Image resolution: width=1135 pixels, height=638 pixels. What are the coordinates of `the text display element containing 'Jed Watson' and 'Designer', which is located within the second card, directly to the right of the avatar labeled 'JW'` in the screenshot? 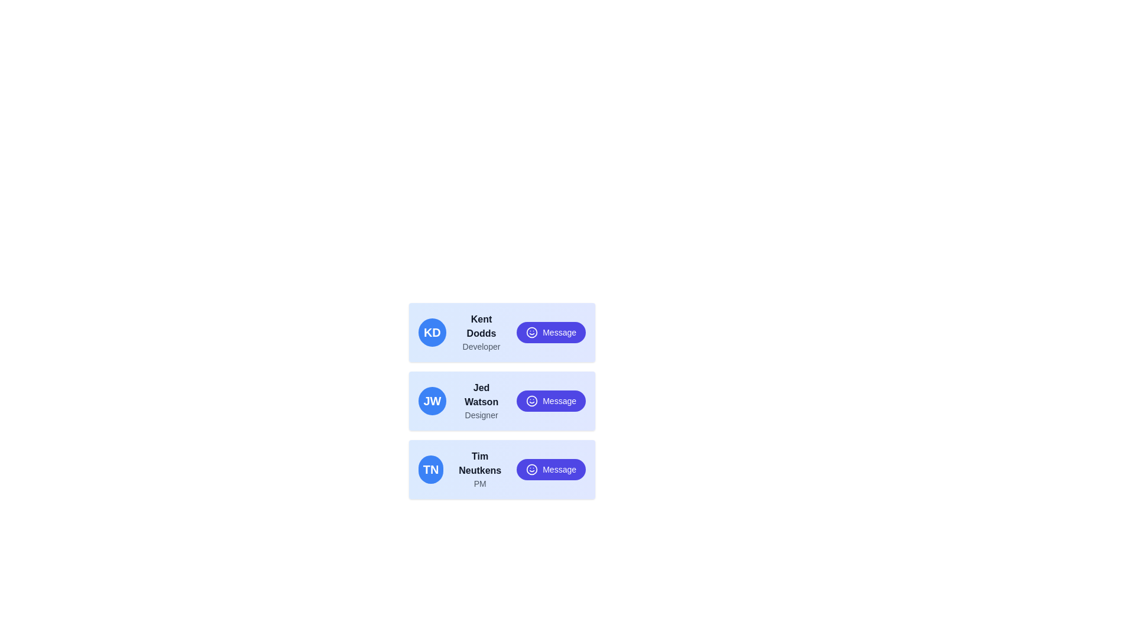 It's located at (481, 400).